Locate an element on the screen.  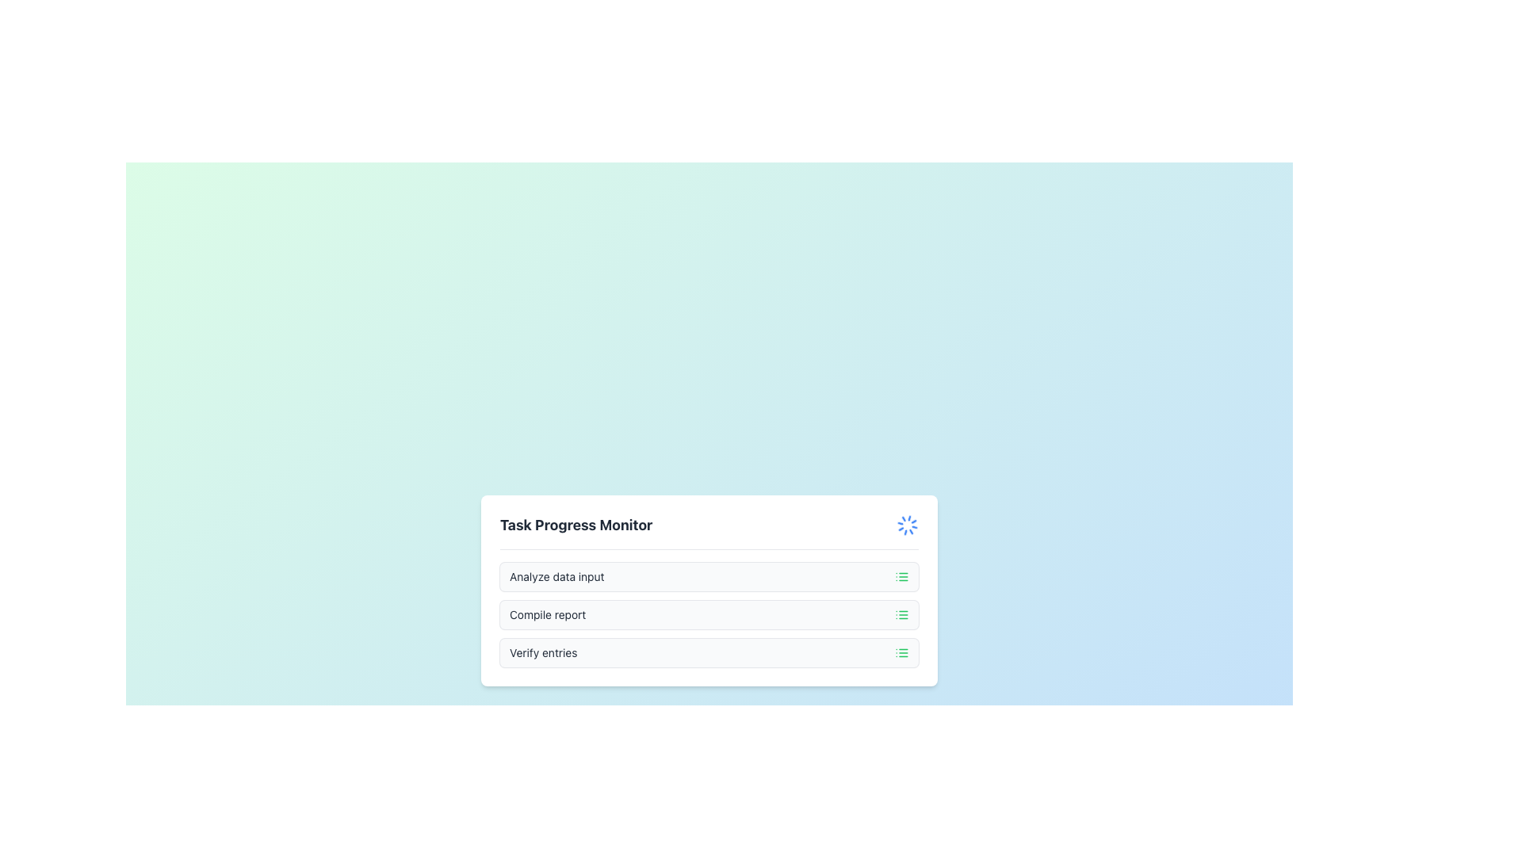
the 'Compile report' text label in the 'Task Progress Monitor' section, which is the middle entry of a three-item task list is located at coordinates (548, 613).